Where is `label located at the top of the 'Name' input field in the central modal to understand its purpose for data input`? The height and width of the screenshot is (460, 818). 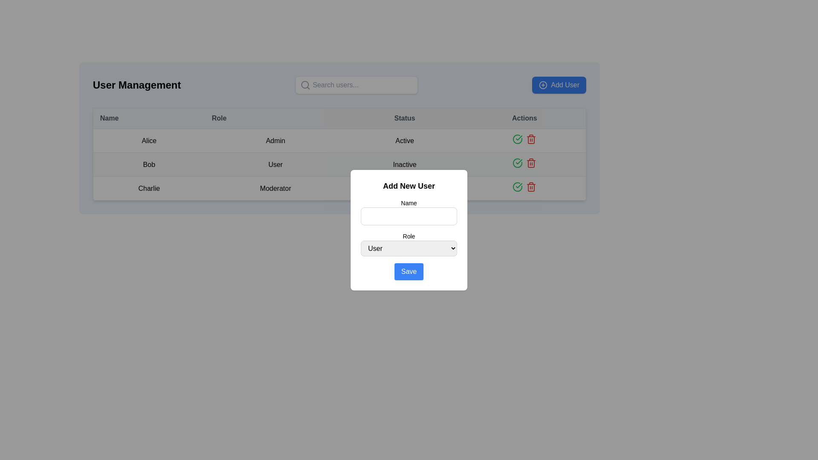
label located at the top of the 'Name' input field in the central modal to understand its purpose for data input is located at coordinates (409, 203).